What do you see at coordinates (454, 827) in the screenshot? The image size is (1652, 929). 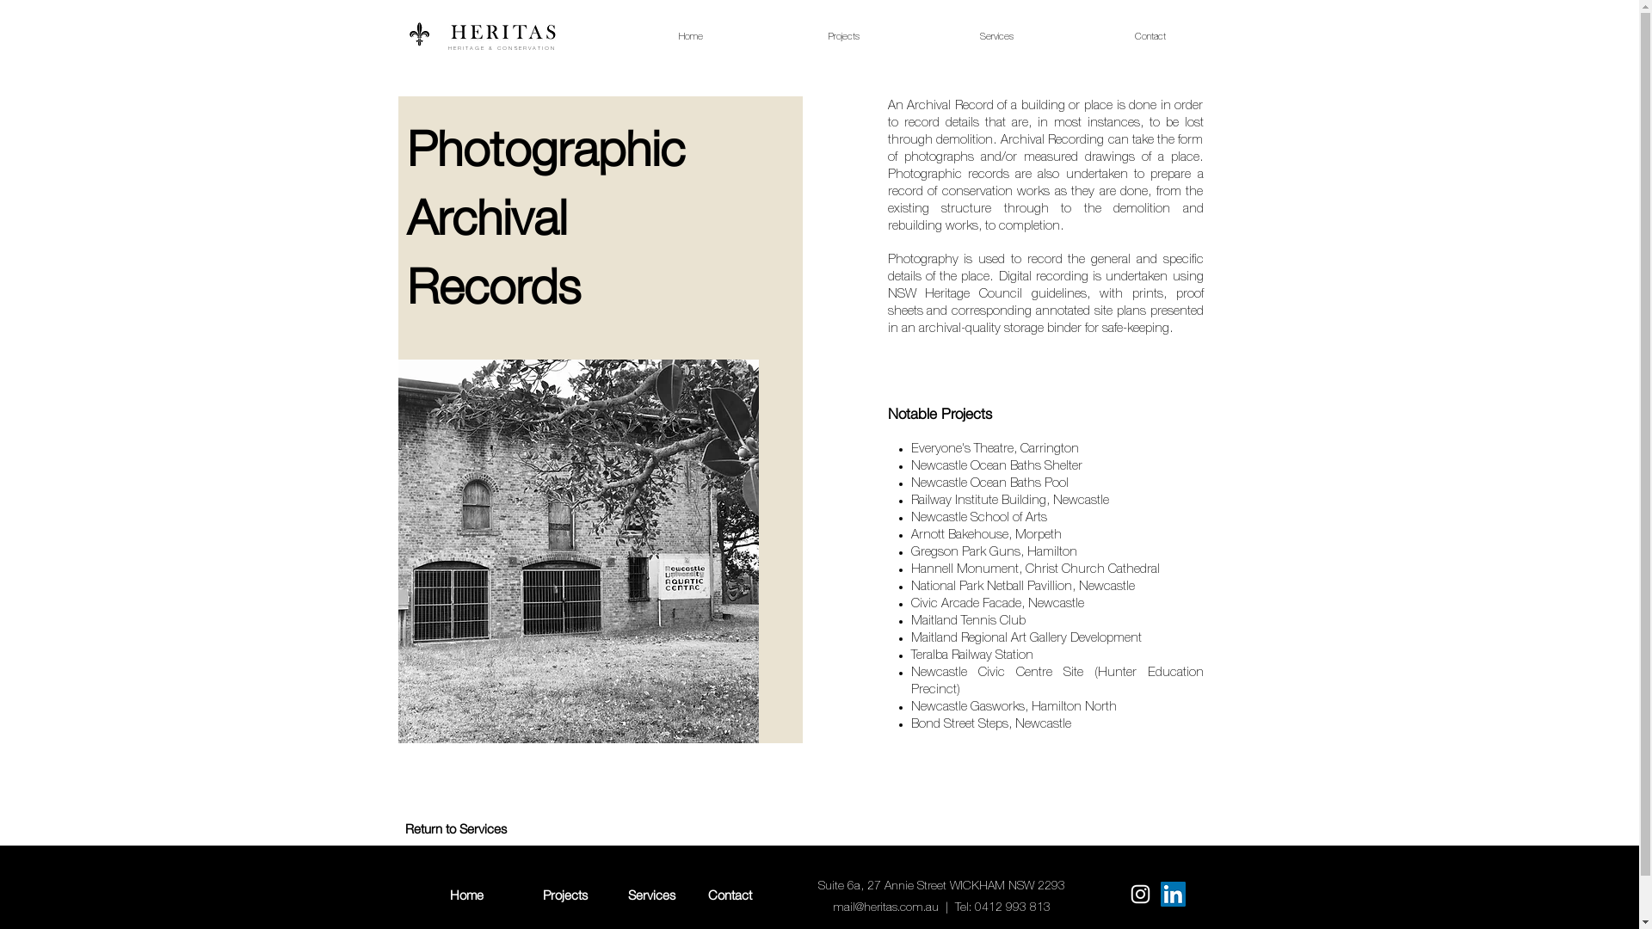 I see `'Return to Services'` at bounding box center [454, 827].